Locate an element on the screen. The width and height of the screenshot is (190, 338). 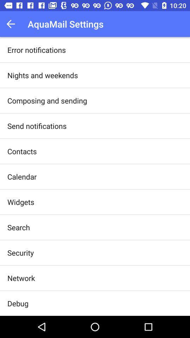
the contacts icon is located at coordinates (22, 151).